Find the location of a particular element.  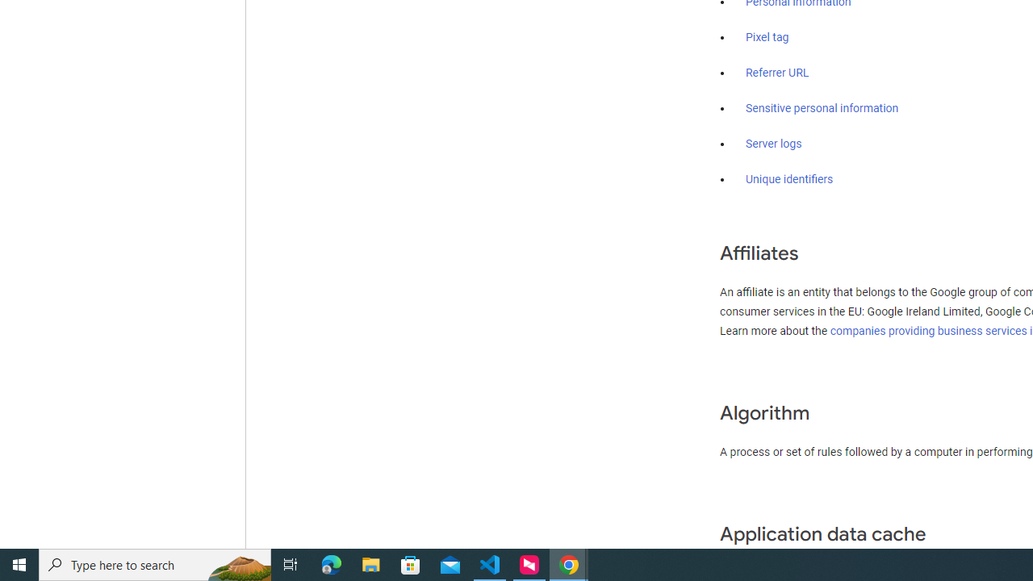

'Referrer URL' is located at coordinates (777, 73).